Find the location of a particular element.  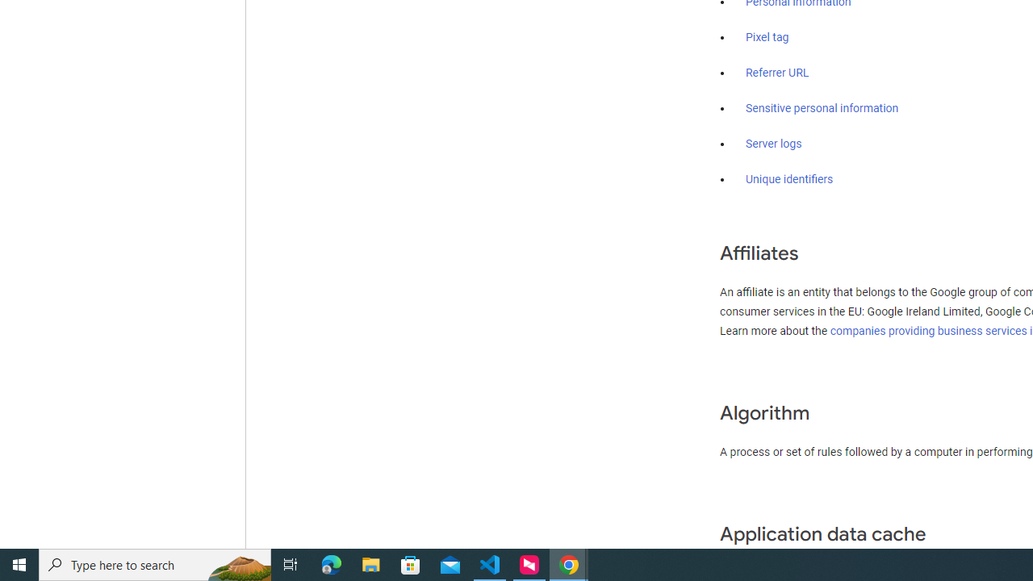

'Referrer URL' is located at coordinates (777, 73).